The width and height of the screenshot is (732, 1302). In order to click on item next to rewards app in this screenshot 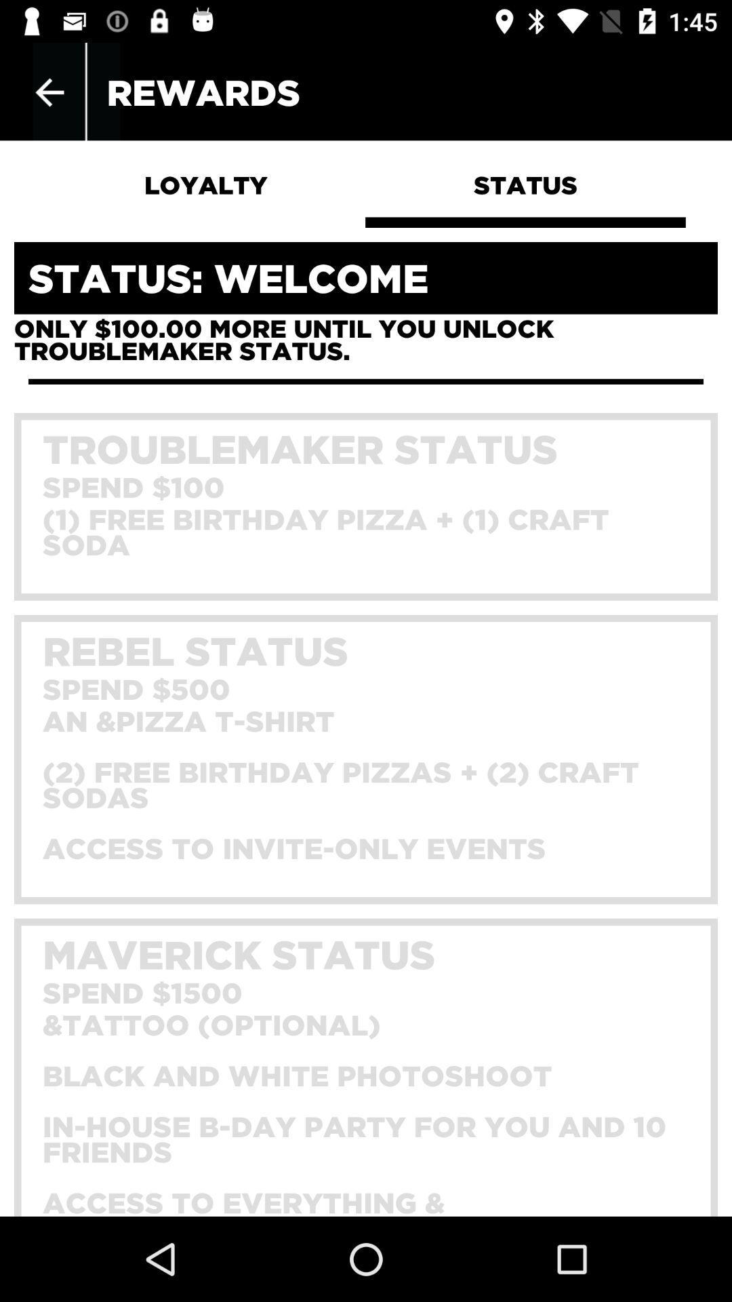, I will do `click(49, 92)`.